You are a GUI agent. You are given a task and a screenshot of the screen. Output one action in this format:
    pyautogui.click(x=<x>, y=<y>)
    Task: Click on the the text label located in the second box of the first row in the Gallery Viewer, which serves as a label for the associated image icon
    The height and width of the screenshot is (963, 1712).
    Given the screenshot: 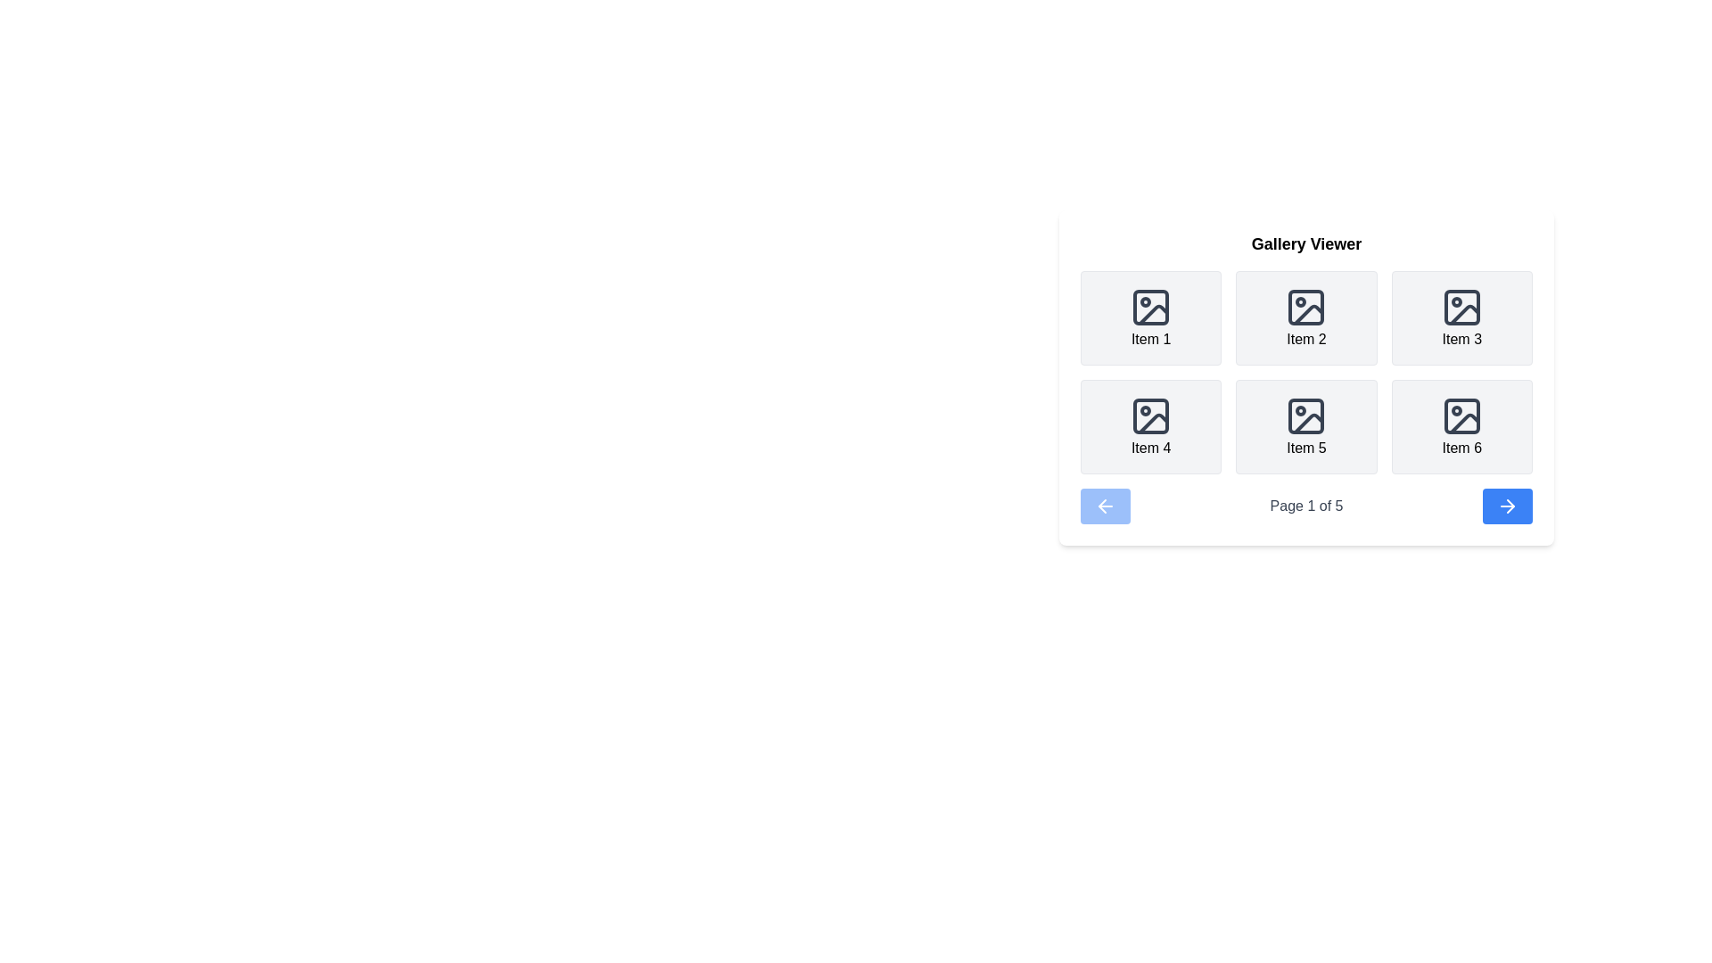 What is the action you would take?
    pyautogui.click(x=1306, y=340)
    